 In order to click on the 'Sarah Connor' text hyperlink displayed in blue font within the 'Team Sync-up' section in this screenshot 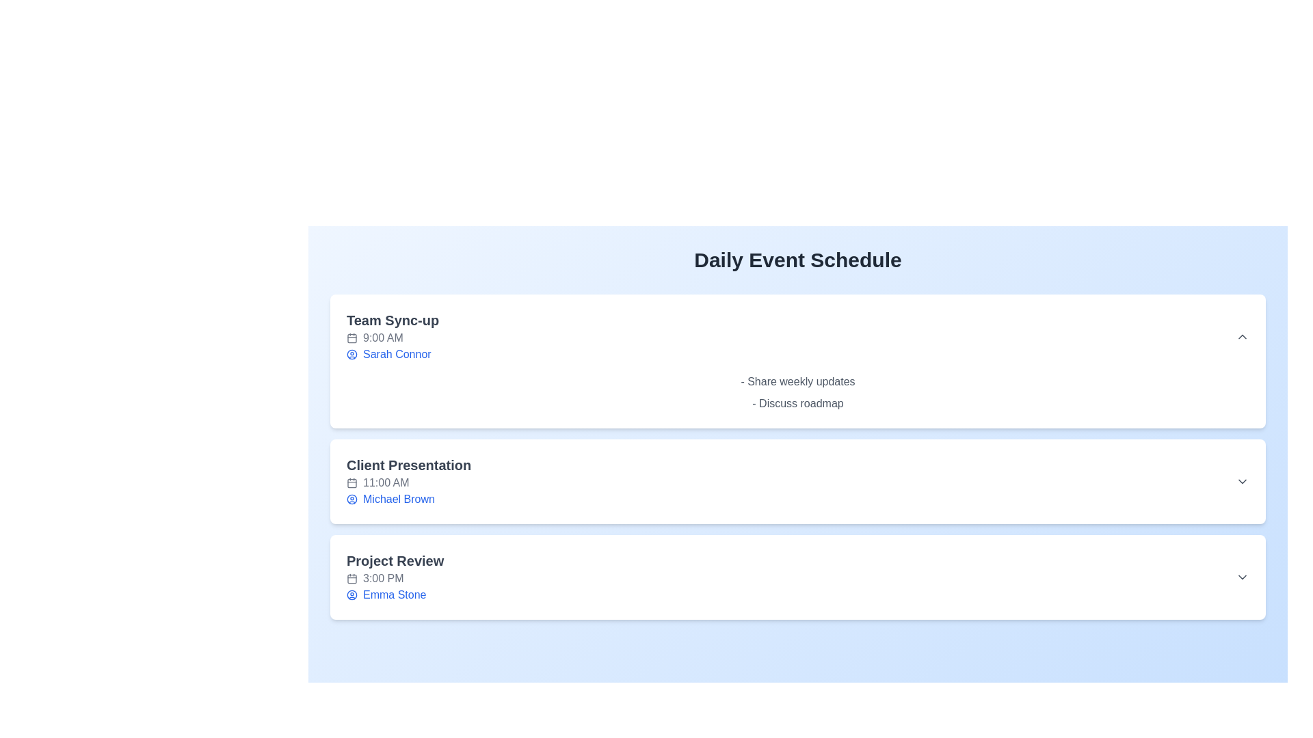, I will do `click(396, 354)`.